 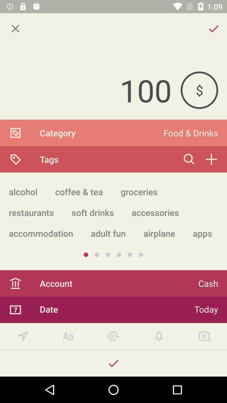 What do you see at coordinates (108, 233) in the screenshot?
I see `the item next to airplane item` at bounding box center [108, 233].